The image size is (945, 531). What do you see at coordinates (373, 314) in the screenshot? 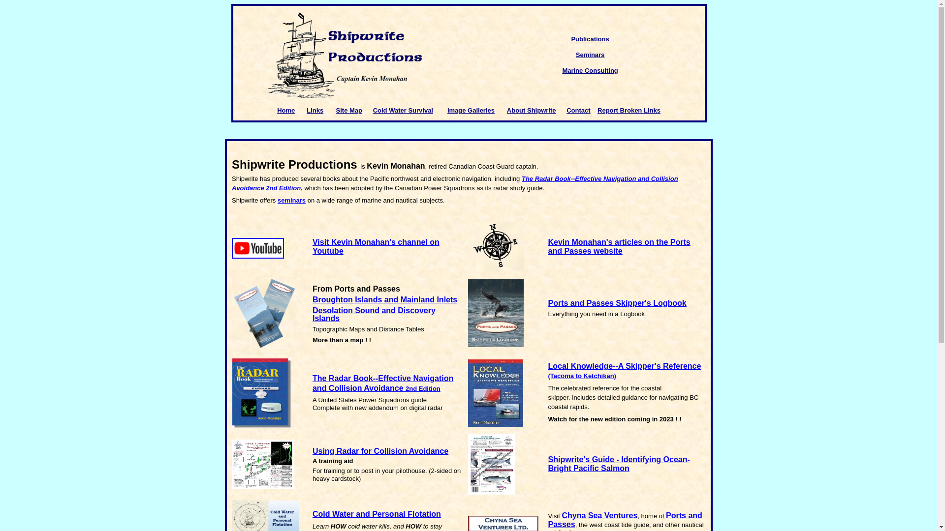
I see `'Desolation Sound and Discovery Islands'` at bounding box center [373, 314].